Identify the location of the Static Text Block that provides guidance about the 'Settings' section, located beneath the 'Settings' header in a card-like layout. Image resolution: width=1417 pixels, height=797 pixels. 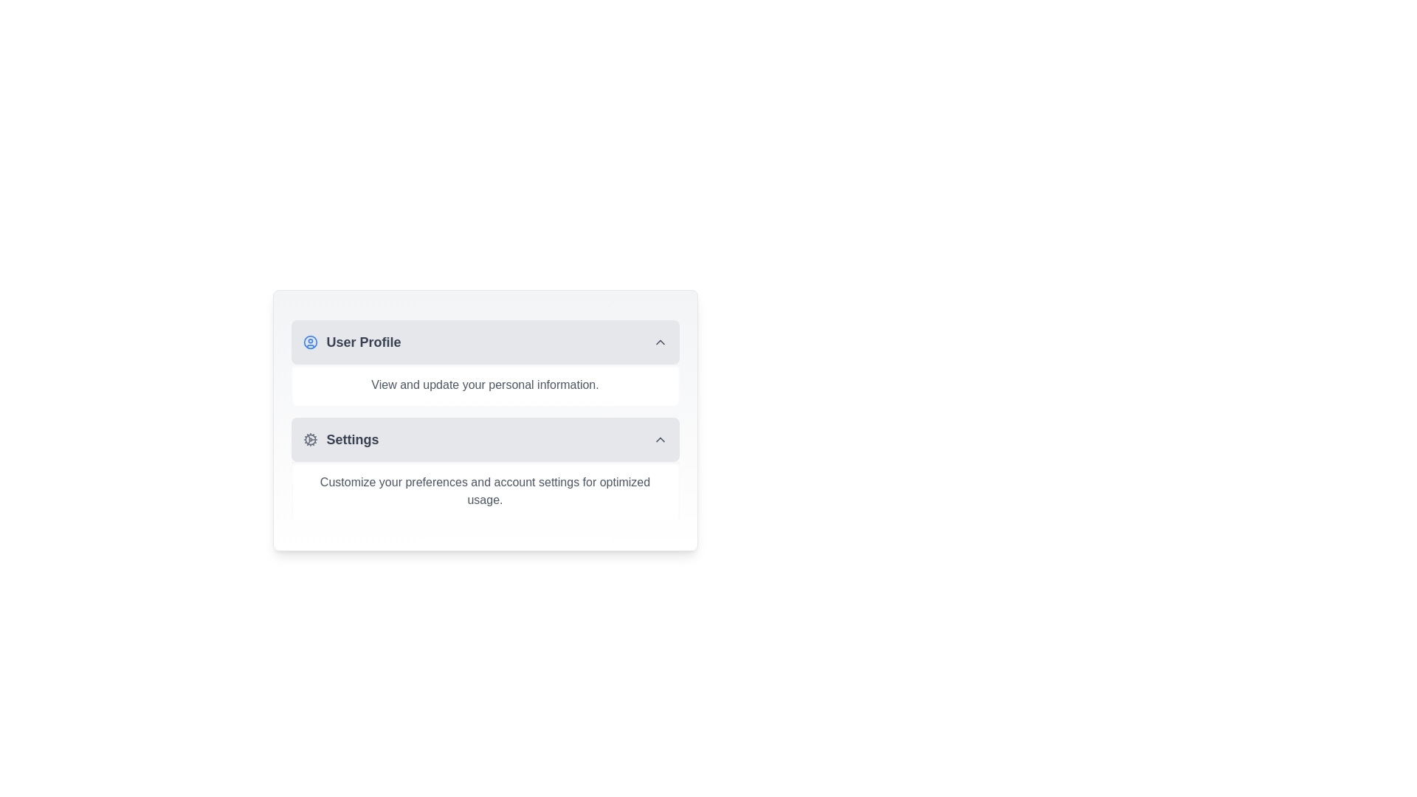
(485, 491).